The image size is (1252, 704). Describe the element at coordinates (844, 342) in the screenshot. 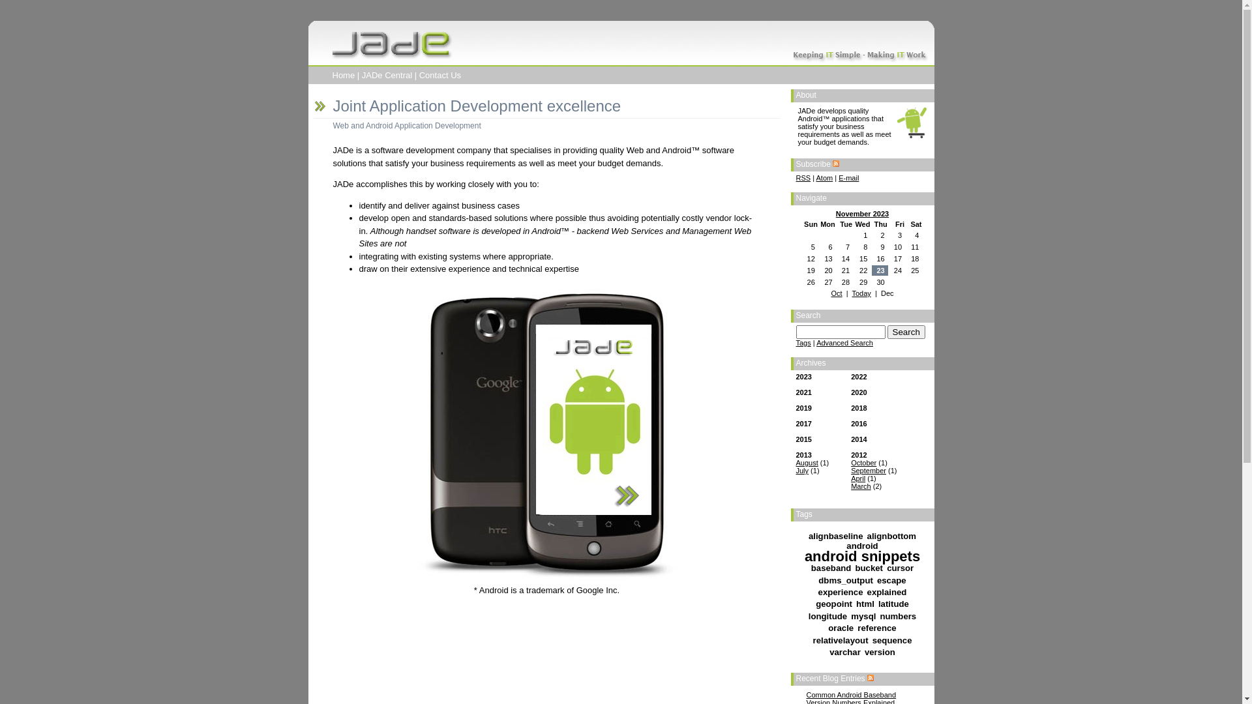

I see `'Advanced Search'` at that location.